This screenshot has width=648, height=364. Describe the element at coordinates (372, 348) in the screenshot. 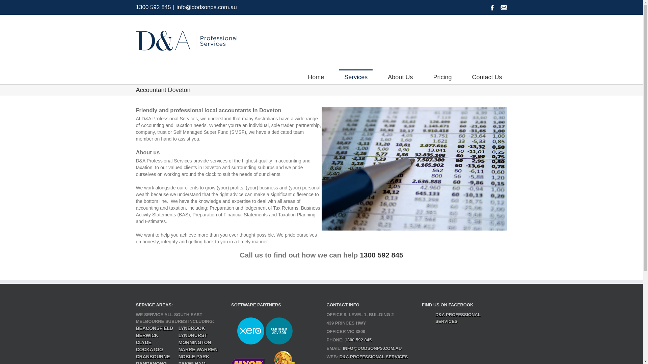

I see `'INFO@DODSONPS.COM.AU'` at that location.